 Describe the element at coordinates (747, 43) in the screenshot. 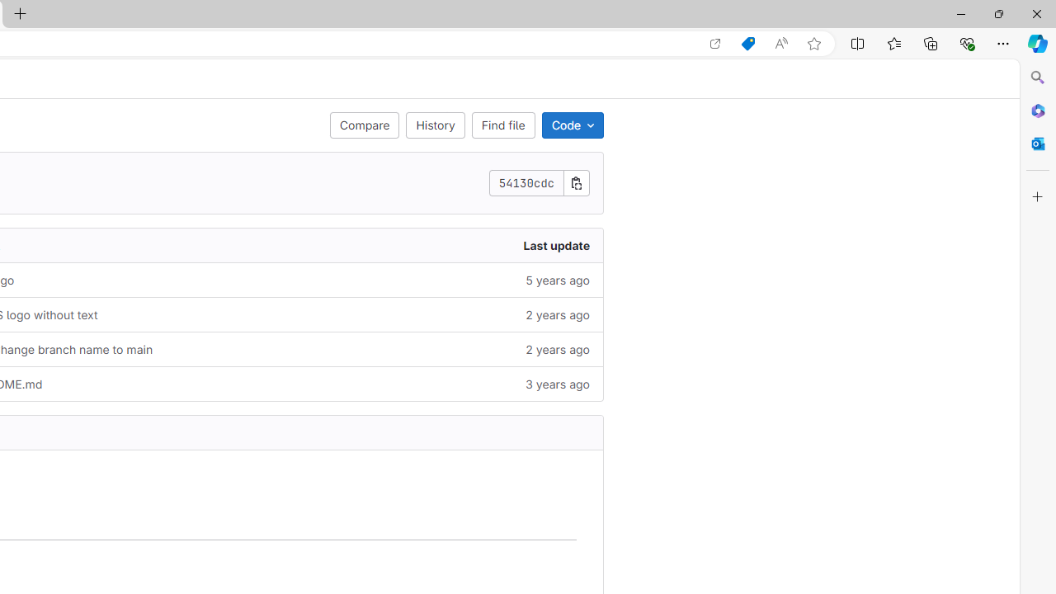

I see `'Shopping in Microsoft Edge'` at that location.